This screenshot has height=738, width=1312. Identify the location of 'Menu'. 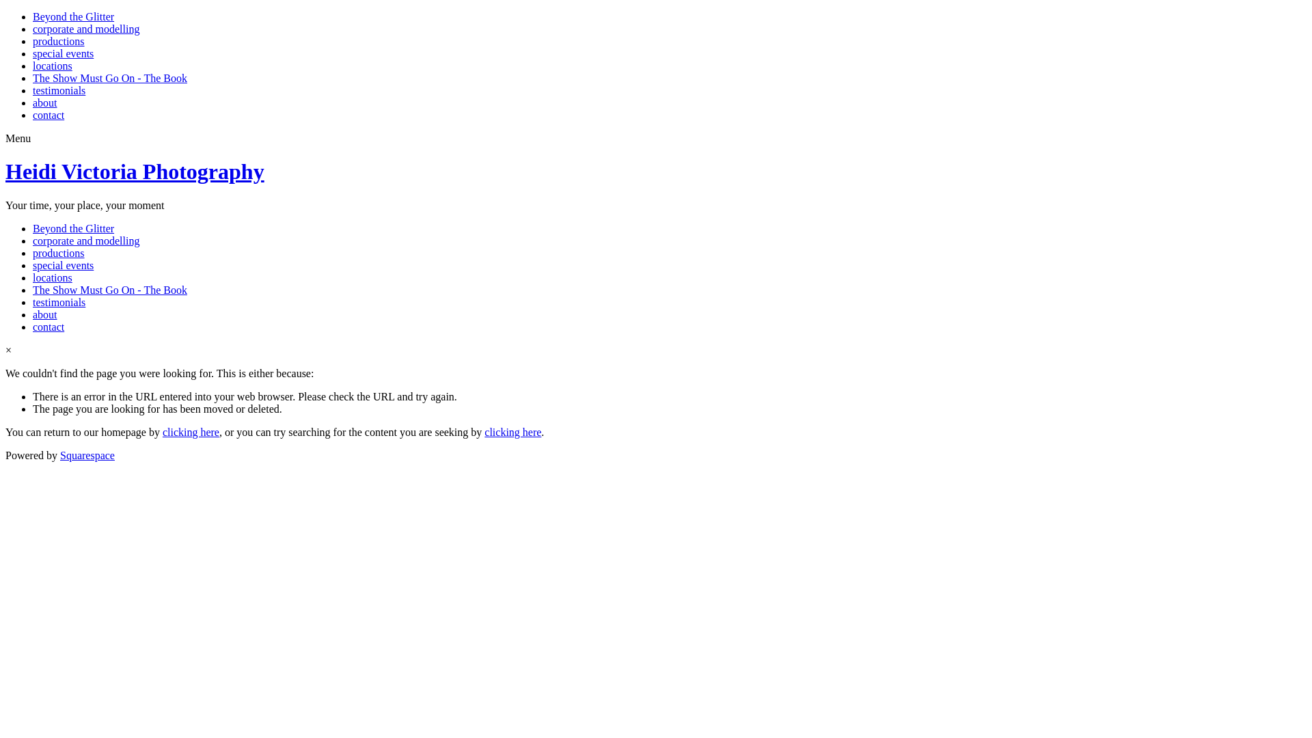
(18, 138).